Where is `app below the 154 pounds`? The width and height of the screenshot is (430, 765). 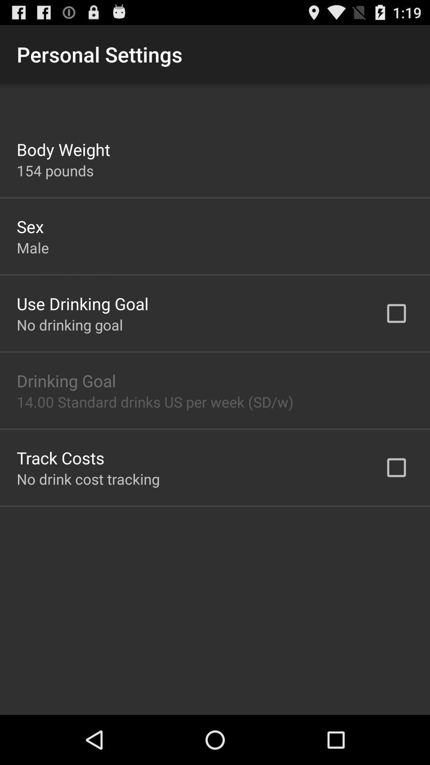
app below the 154 pounds is located at coordinates (30, 226).